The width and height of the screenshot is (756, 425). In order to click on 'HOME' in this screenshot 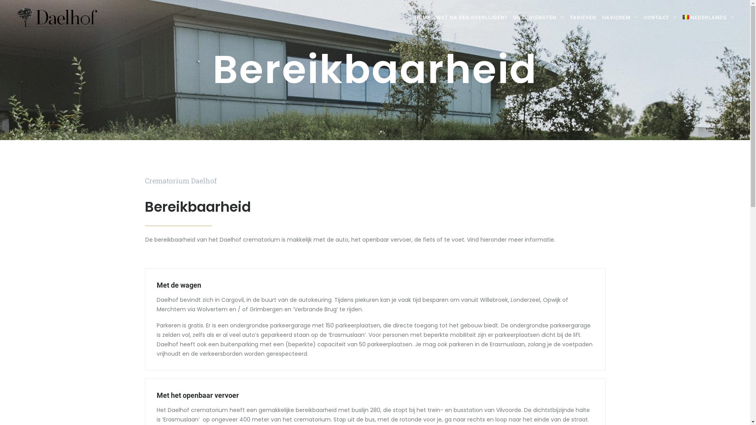, I will do `click(422, 18)`.